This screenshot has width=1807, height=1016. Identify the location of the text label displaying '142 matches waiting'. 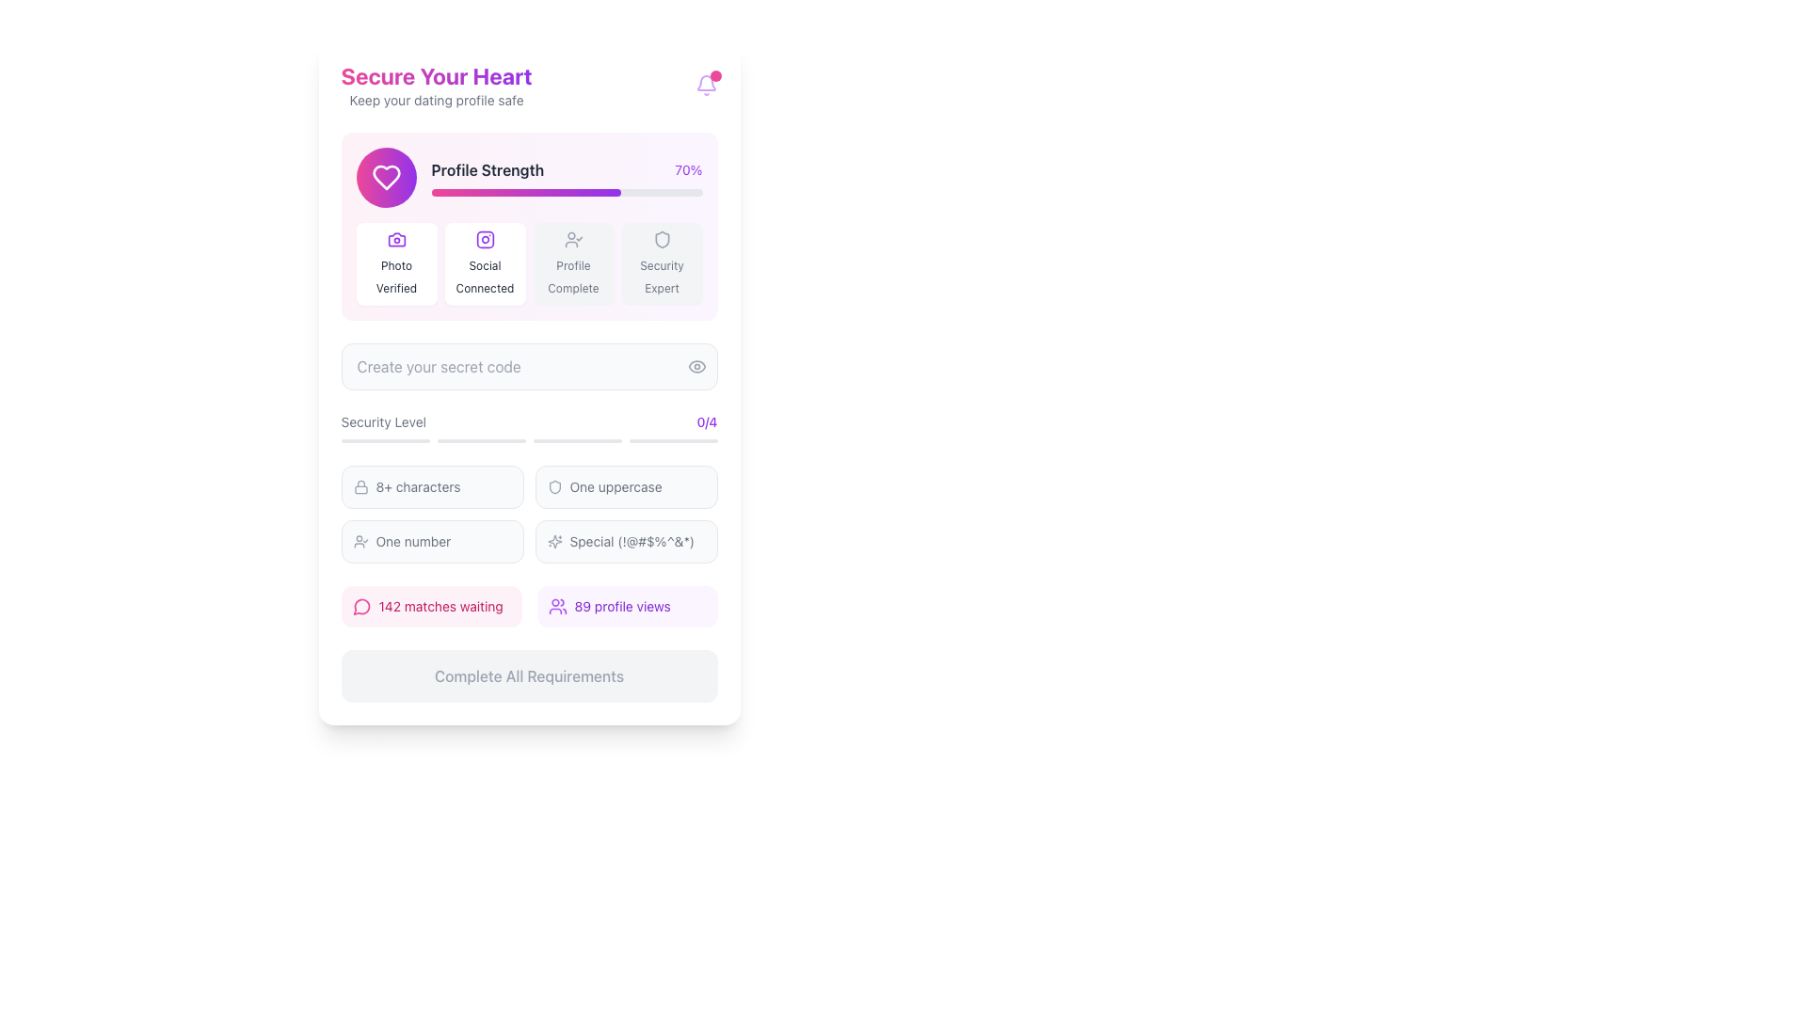
(440, 606).